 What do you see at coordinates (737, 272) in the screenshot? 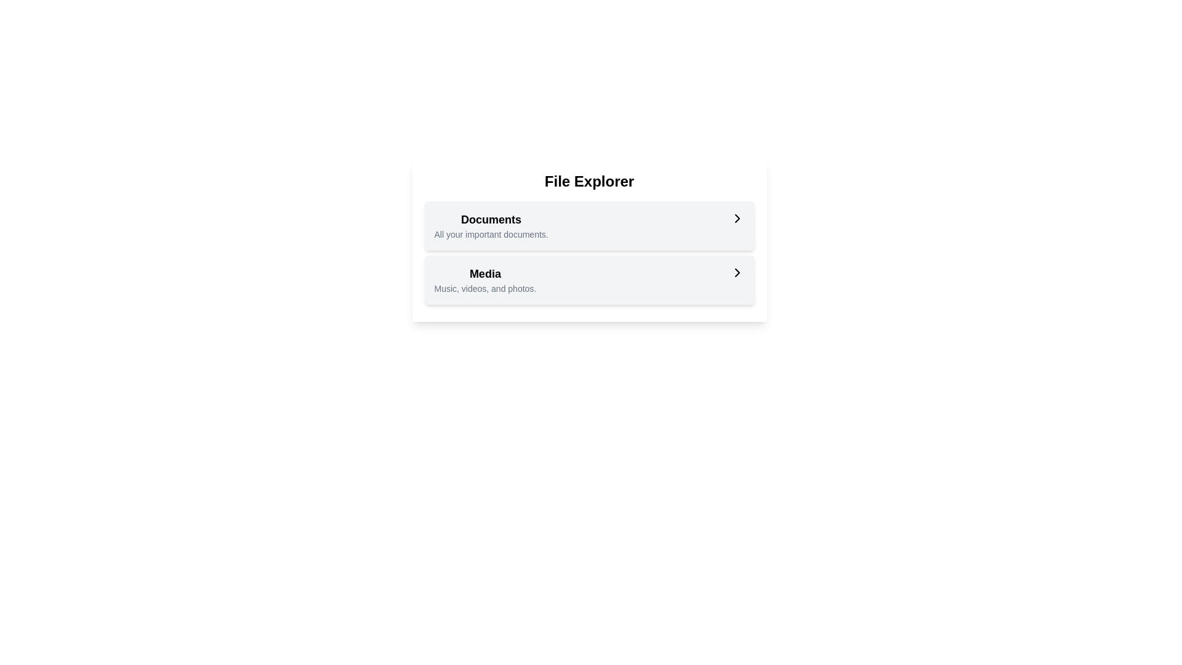
I see `the rightward-pointing chevron arrow icon located to the right of the 'Media' text` at bounding box center [737, 272].